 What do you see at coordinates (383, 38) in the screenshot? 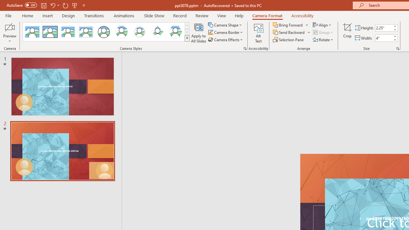
I see `'Cameo Width'` at bounding box center [383, 38].